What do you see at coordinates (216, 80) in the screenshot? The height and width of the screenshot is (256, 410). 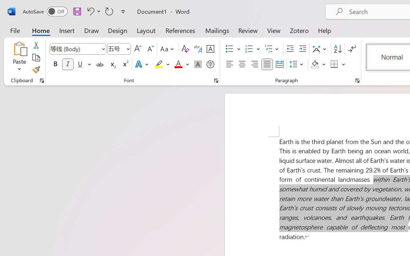 I see `'Font...'` at bounding box center [216, 80].